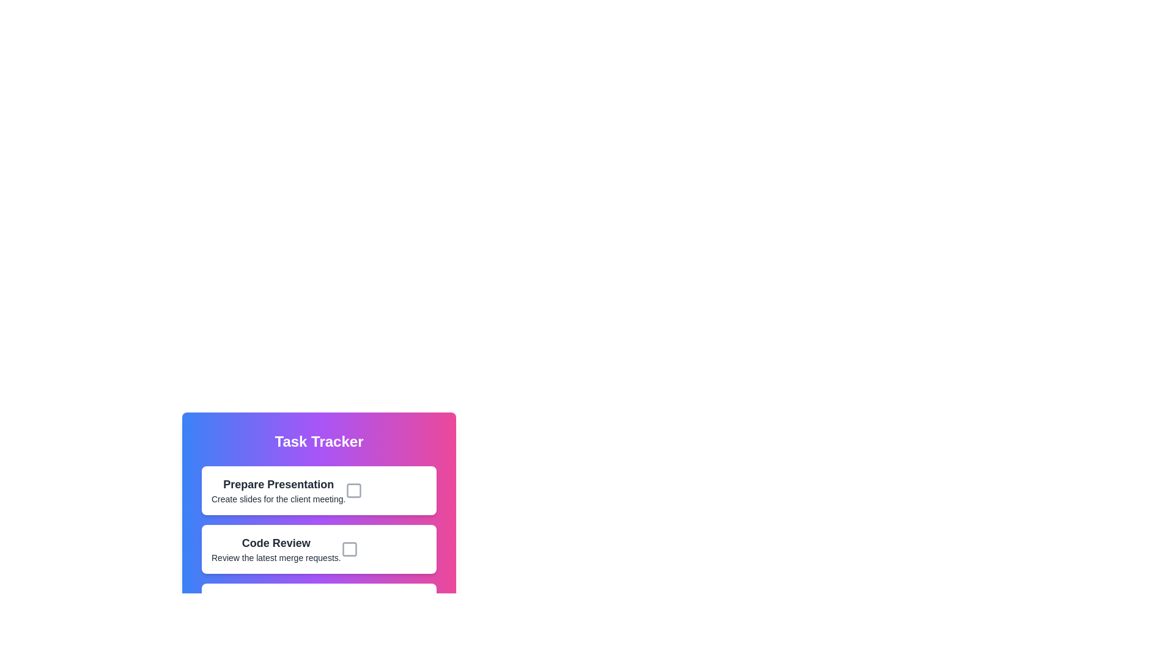 This screenshot has width=1174, height=660. I want to click on the hollow checkbox next to the text 'Prepare Presentation', so click(353, 490).